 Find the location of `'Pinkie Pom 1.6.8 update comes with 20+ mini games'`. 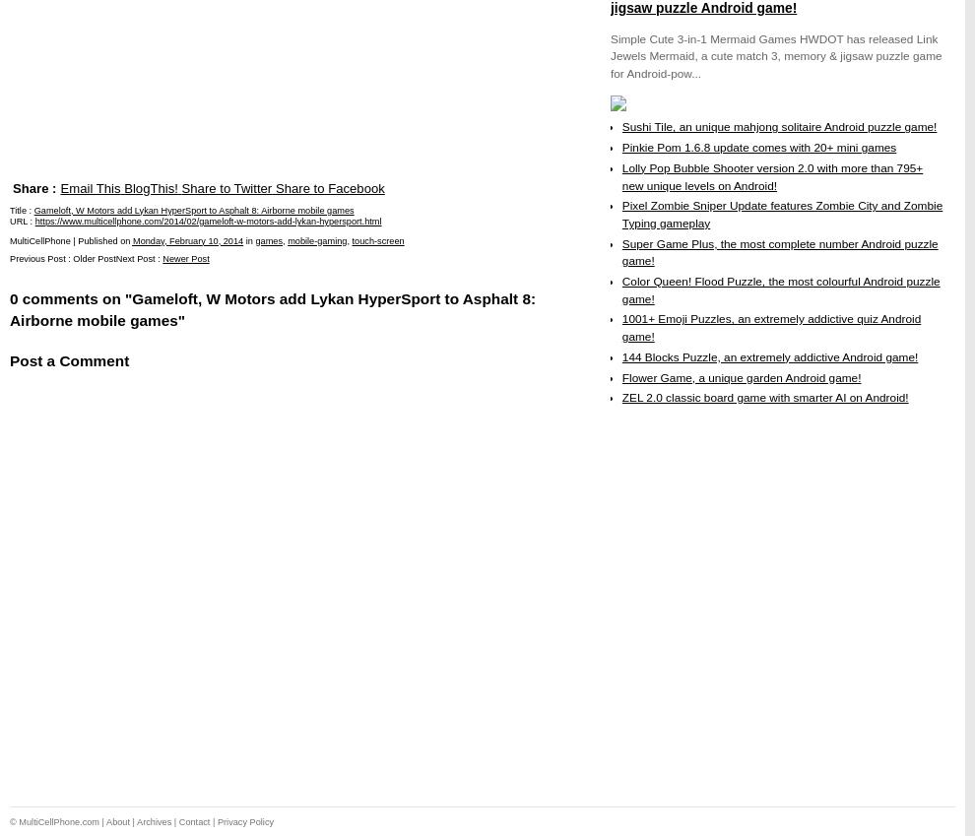

'Pinkie Pom 1.6.8 update comes with 20+ mini games' is located at coordinates (758, 148).